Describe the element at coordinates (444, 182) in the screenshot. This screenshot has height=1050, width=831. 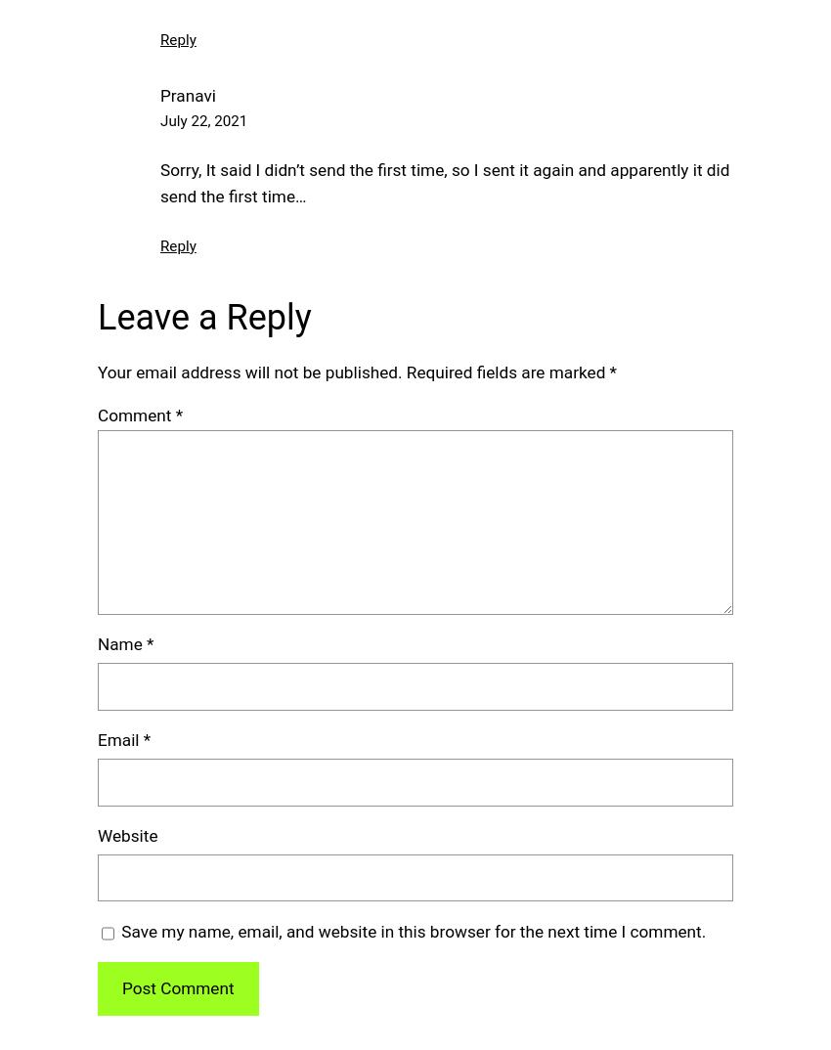
I see `'Sorry, It said I didn’t send the first time, so I sent it again and apparently it did send the first time…'` at that location.